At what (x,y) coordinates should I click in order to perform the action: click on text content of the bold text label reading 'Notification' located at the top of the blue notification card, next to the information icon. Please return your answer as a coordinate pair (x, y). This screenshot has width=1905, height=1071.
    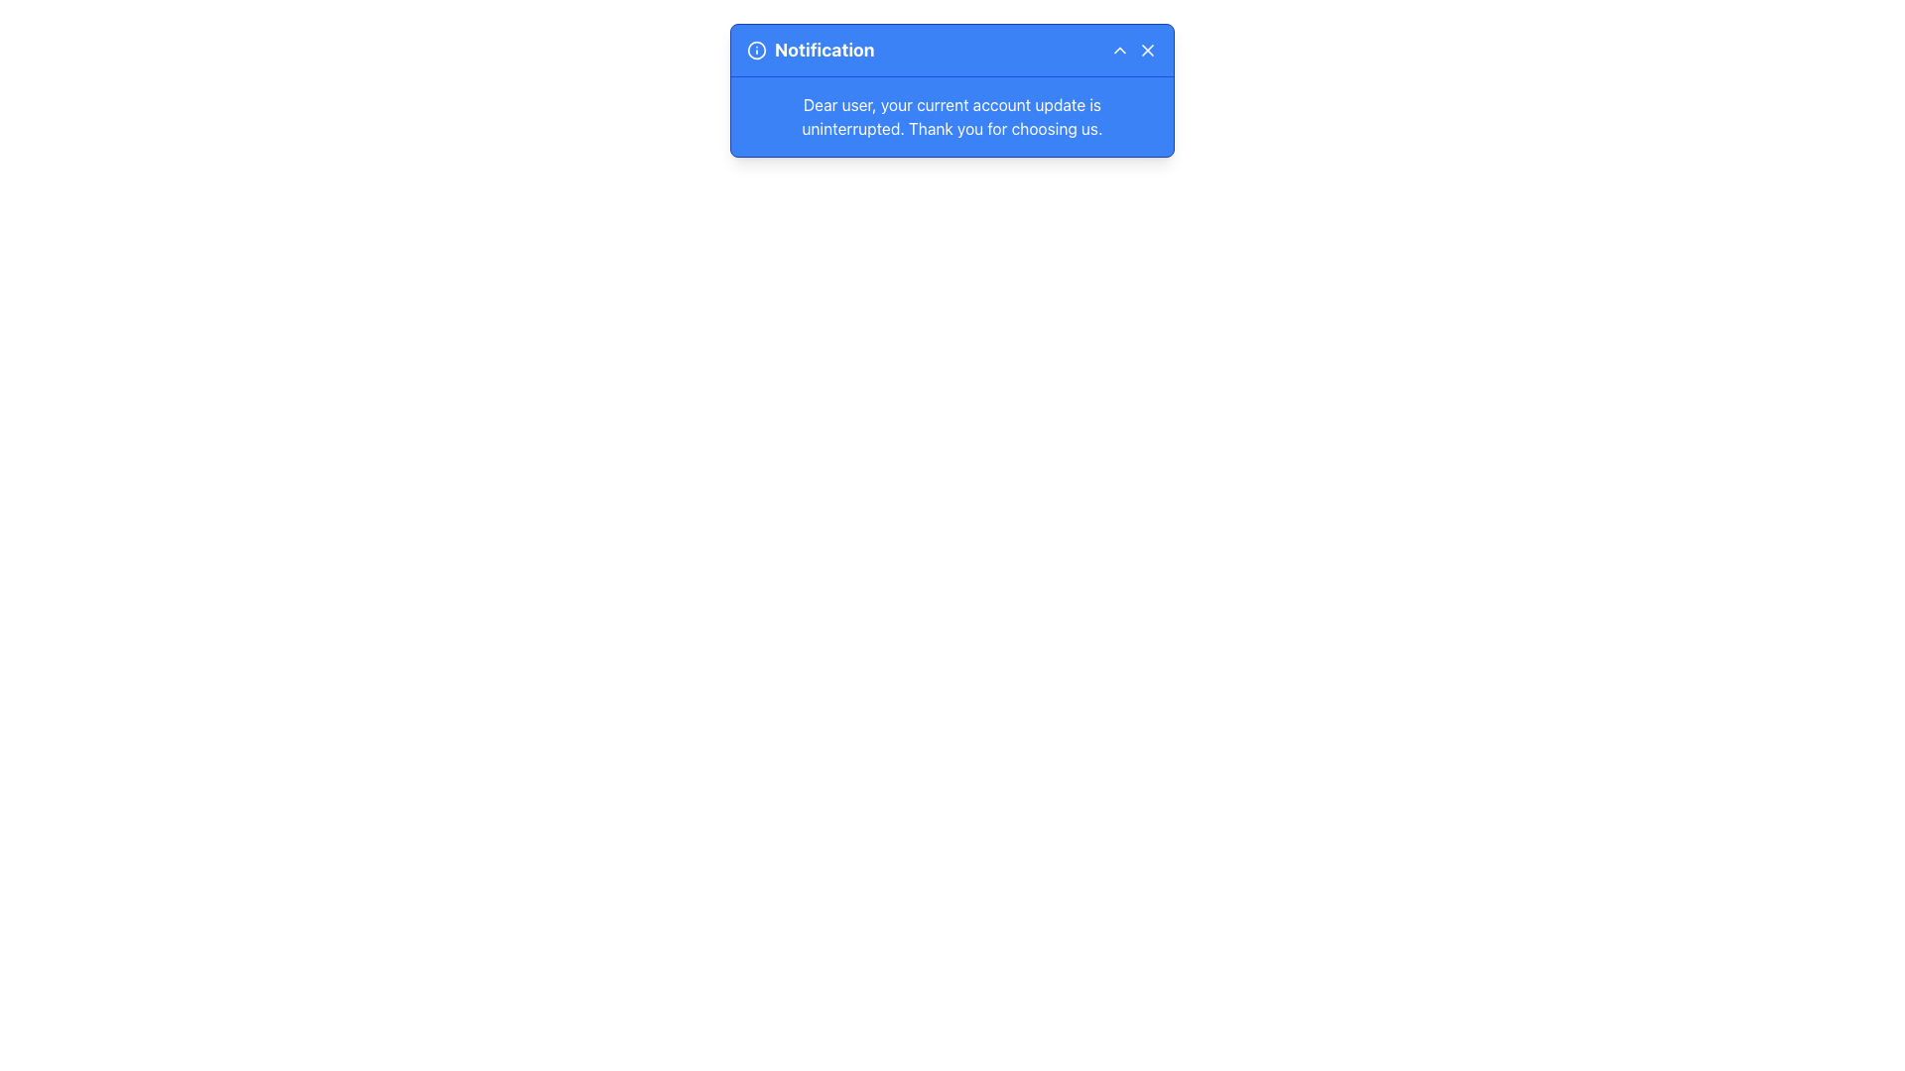
    Looking at the image, I should click on (825, 49).